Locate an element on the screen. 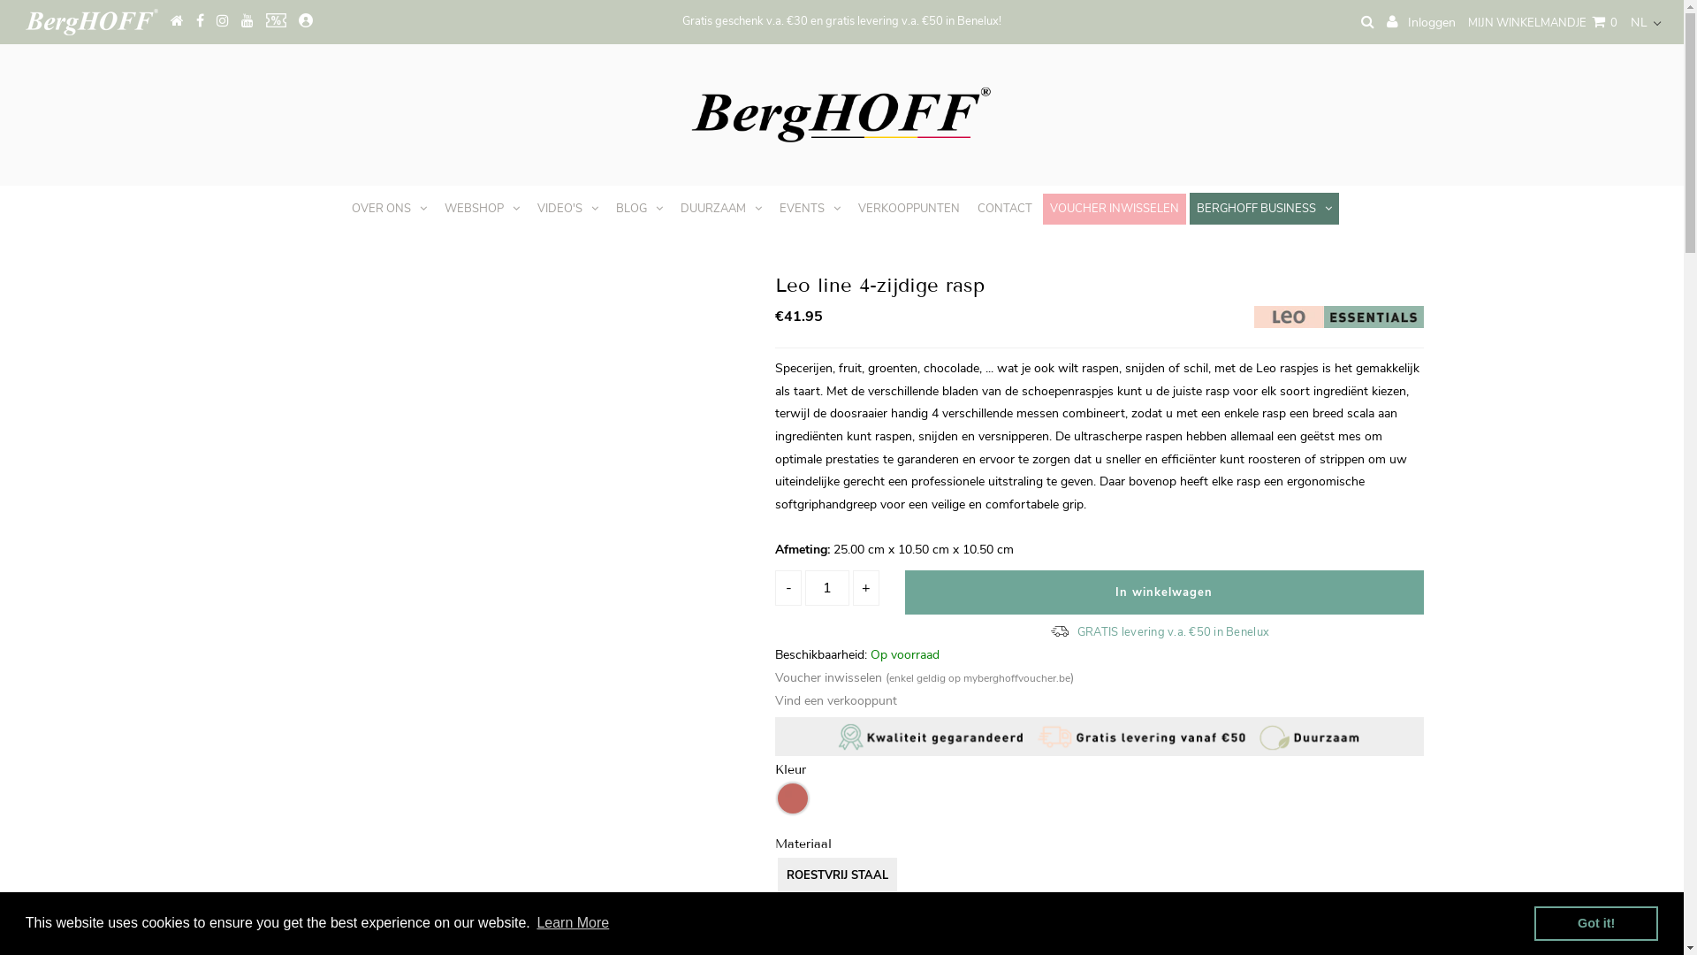  'DUURZAAM' is located at coordinates (721, 207).